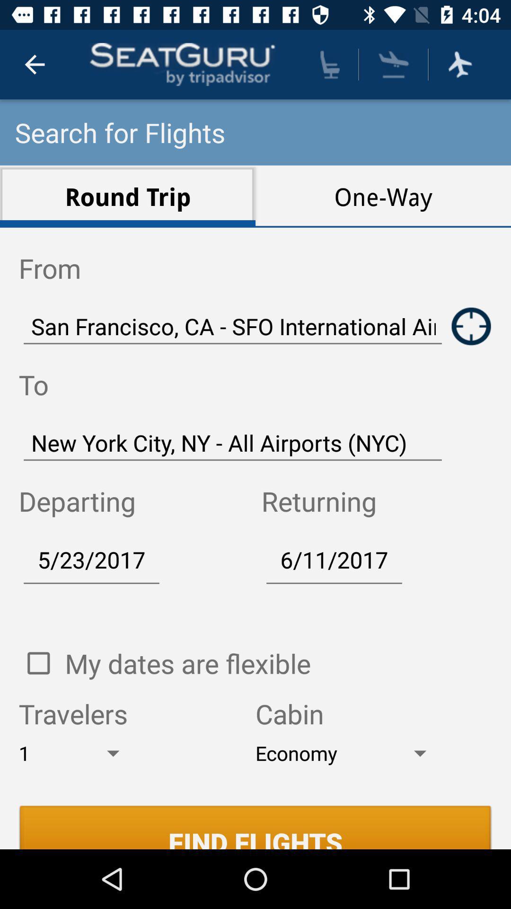  What do you see at coordinates (38, 663) in the screenshot?
I see `my dates are flexible checkbox` at bounding box center [38, 663].